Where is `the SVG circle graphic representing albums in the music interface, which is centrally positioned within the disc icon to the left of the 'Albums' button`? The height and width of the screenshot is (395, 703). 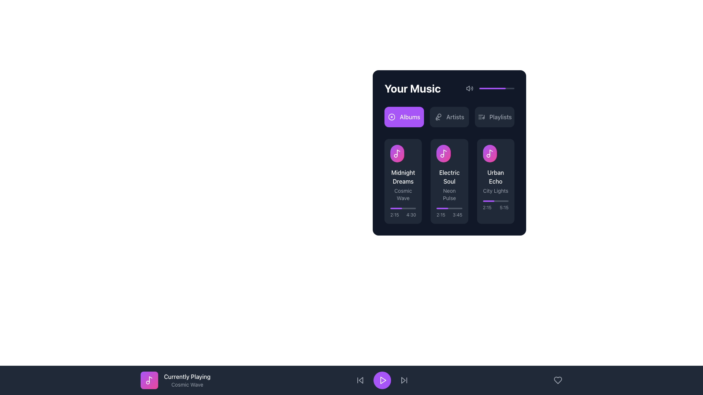
the SVG circle graphic representing albums in the music interface, which is centrally positioned within the disc icon to the left of the 'Albums' button is located at coordinates (391, 117).